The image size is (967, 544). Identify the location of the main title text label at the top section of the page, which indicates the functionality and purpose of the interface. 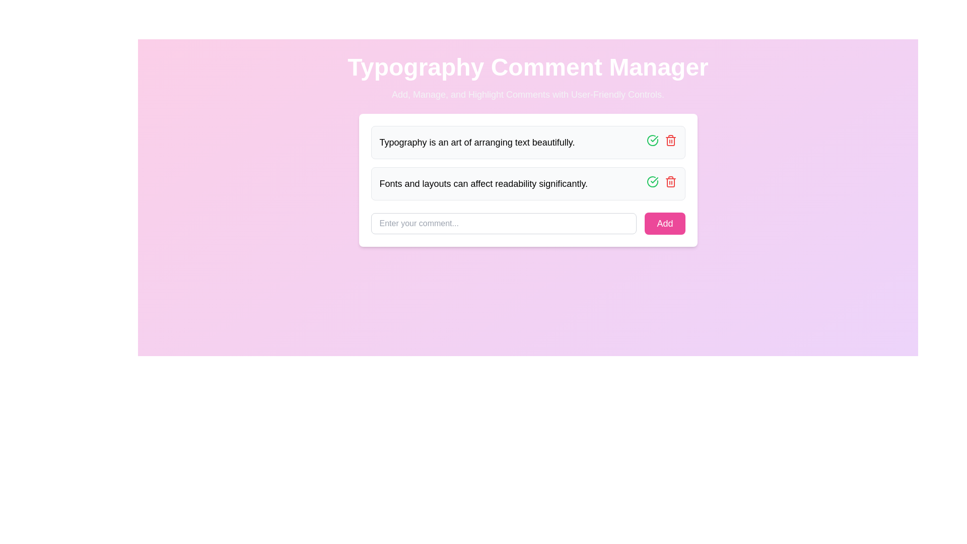
(527, 67).